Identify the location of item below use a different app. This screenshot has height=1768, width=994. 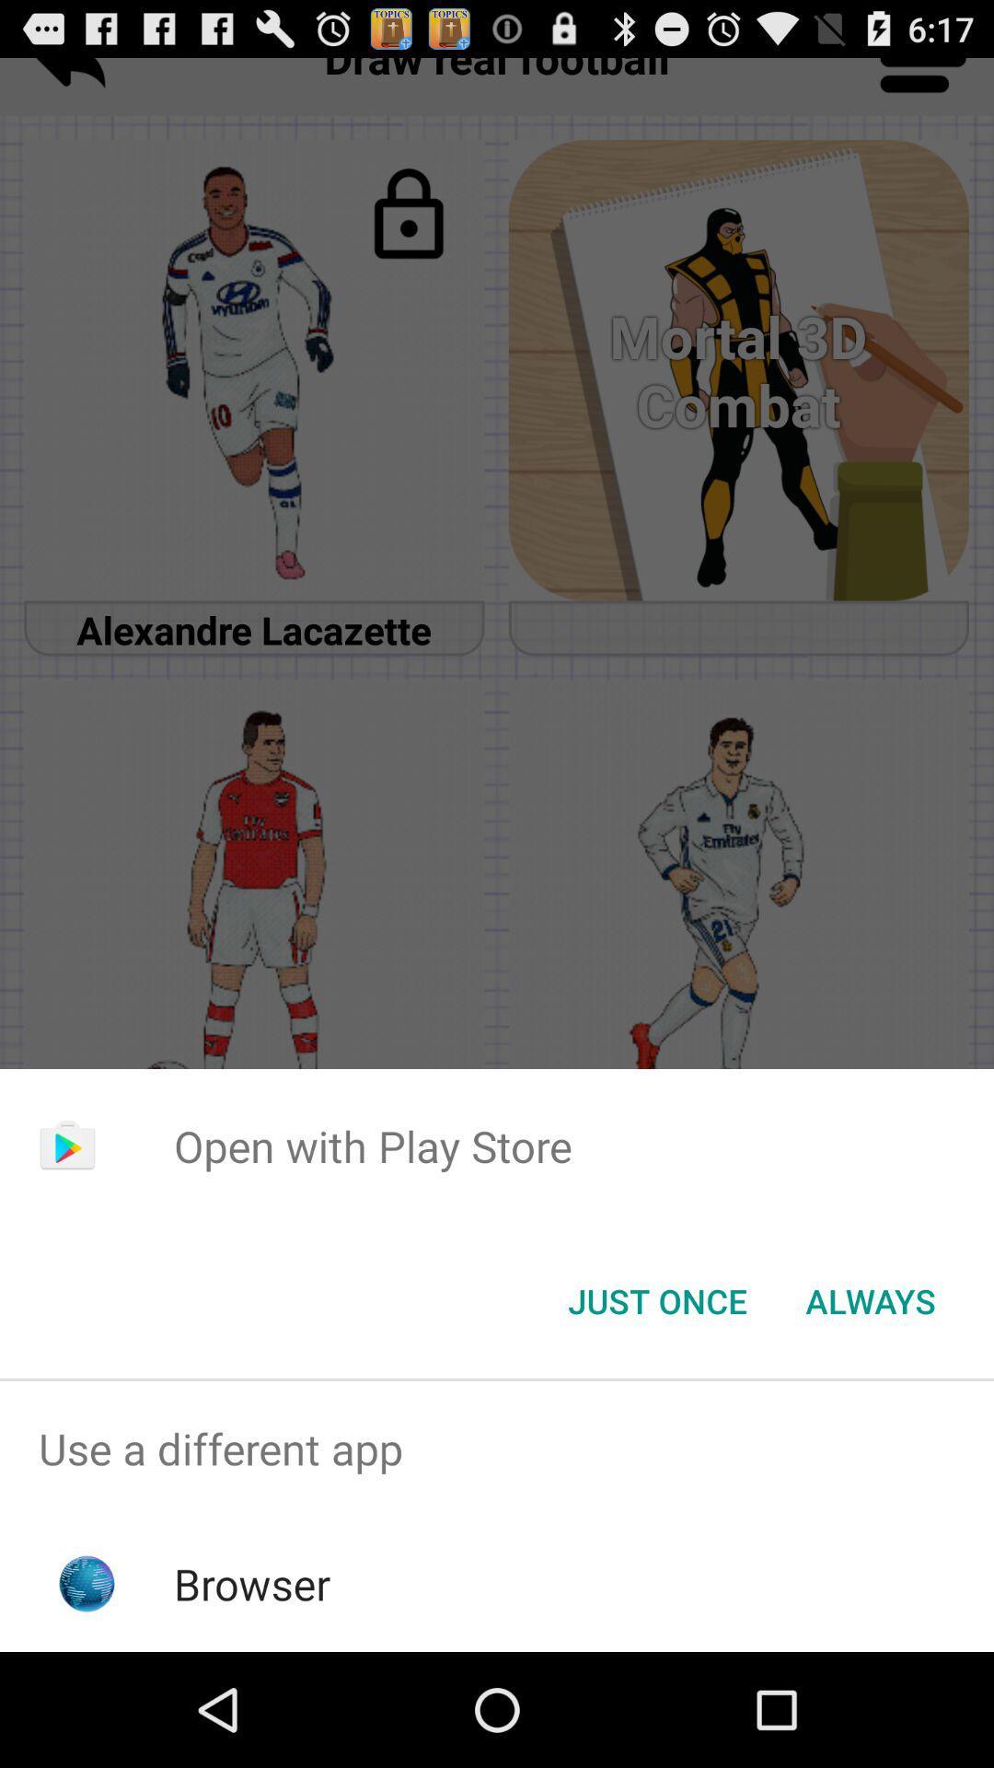
(252, 1583).